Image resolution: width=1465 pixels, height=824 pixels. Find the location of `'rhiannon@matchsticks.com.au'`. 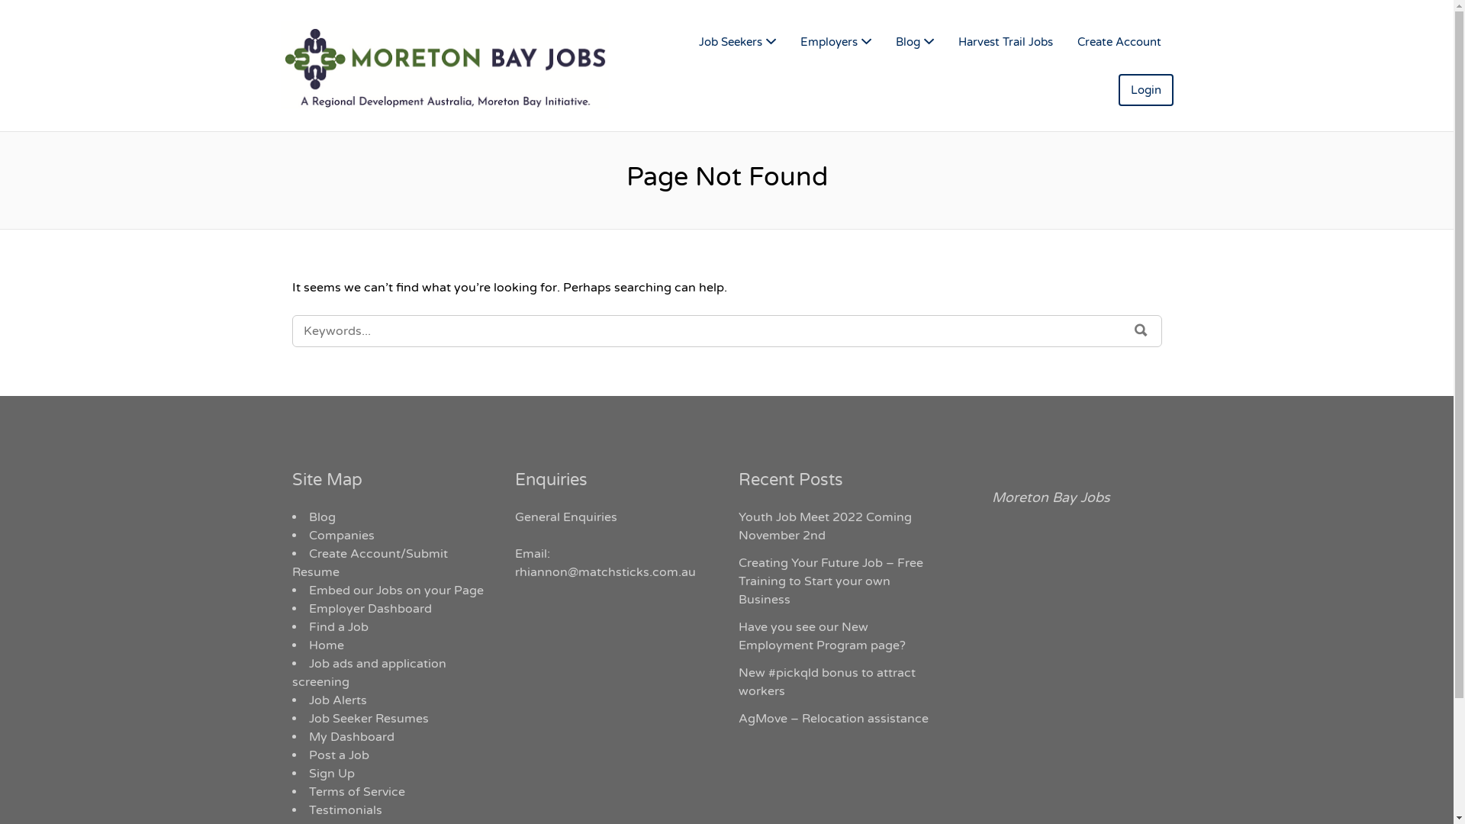

'rhiannon@matchsticks.com.au' is located at coordinates (515, 571).